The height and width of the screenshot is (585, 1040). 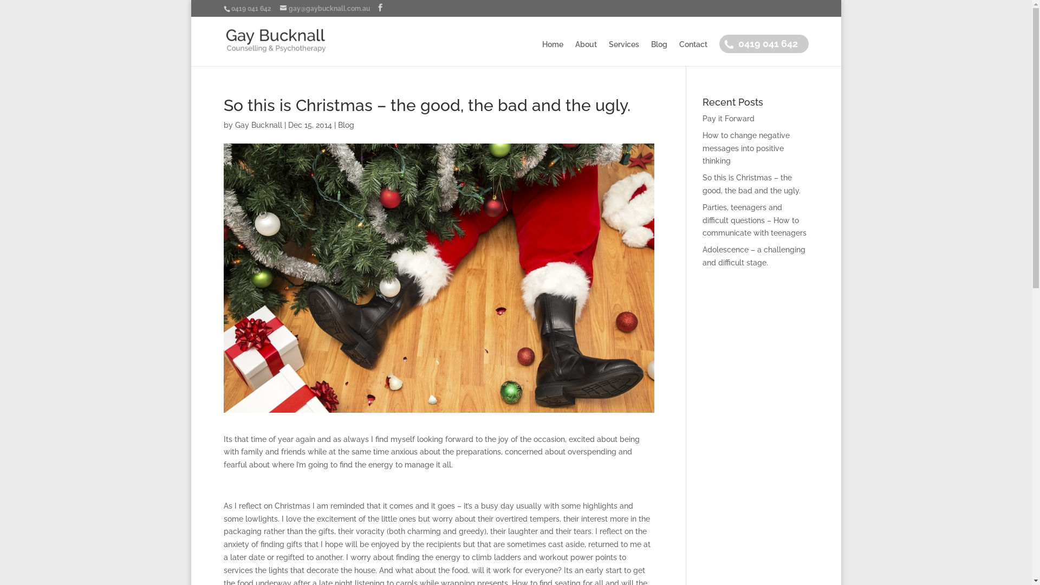 I want to click on 'Pay it Forward', so click(x=728, y=119).